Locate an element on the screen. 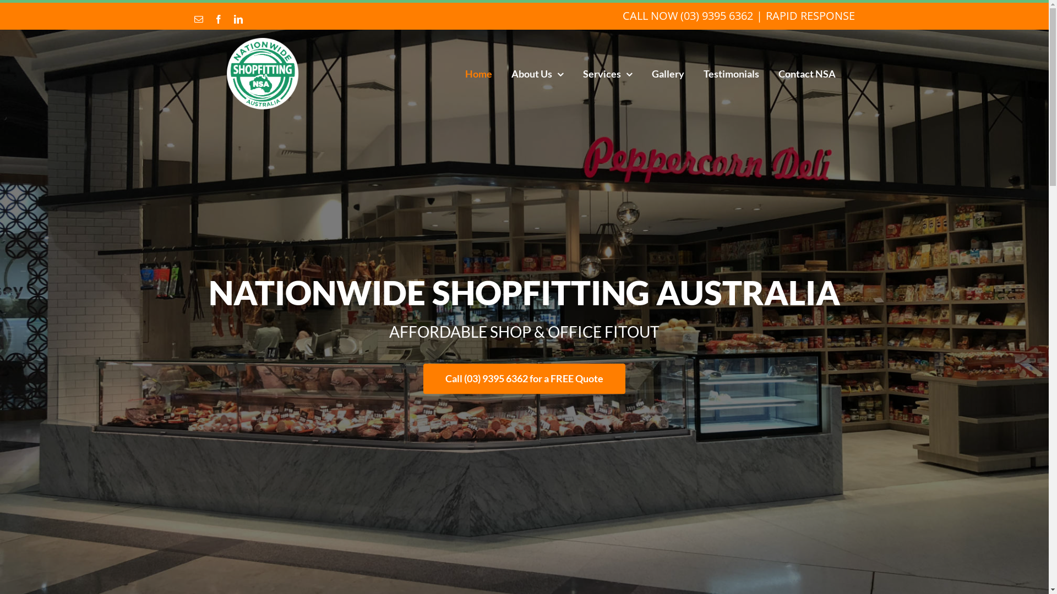  'Gallery' is located at coordinates (652, 74).